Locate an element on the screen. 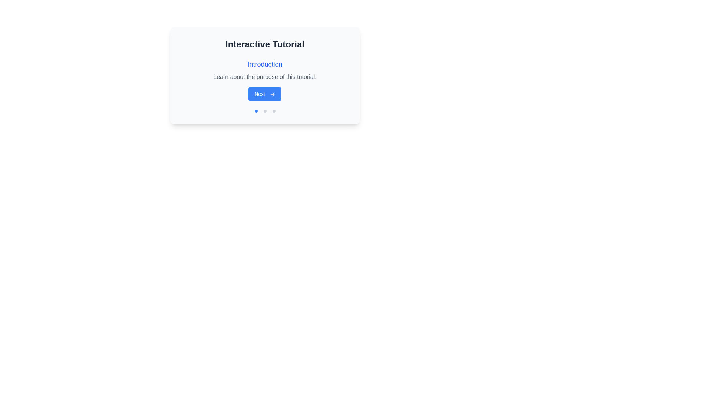  the statically styled text label that provides a brief explanation or introduction to the tutorial's purpose, located directly below the 'Introduction' text element is located at coordinates (265, 77).